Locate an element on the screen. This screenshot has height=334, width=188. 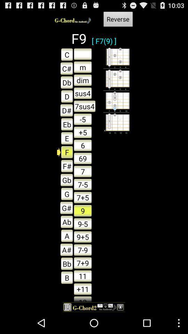
the button which is next to the c is located at coordinates (83, 54).